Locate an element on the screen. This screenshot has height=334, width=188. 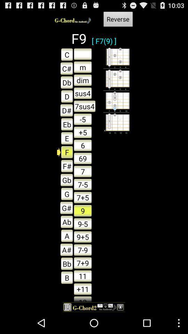
the button which is next to the c is located at coordinates (83, 54).